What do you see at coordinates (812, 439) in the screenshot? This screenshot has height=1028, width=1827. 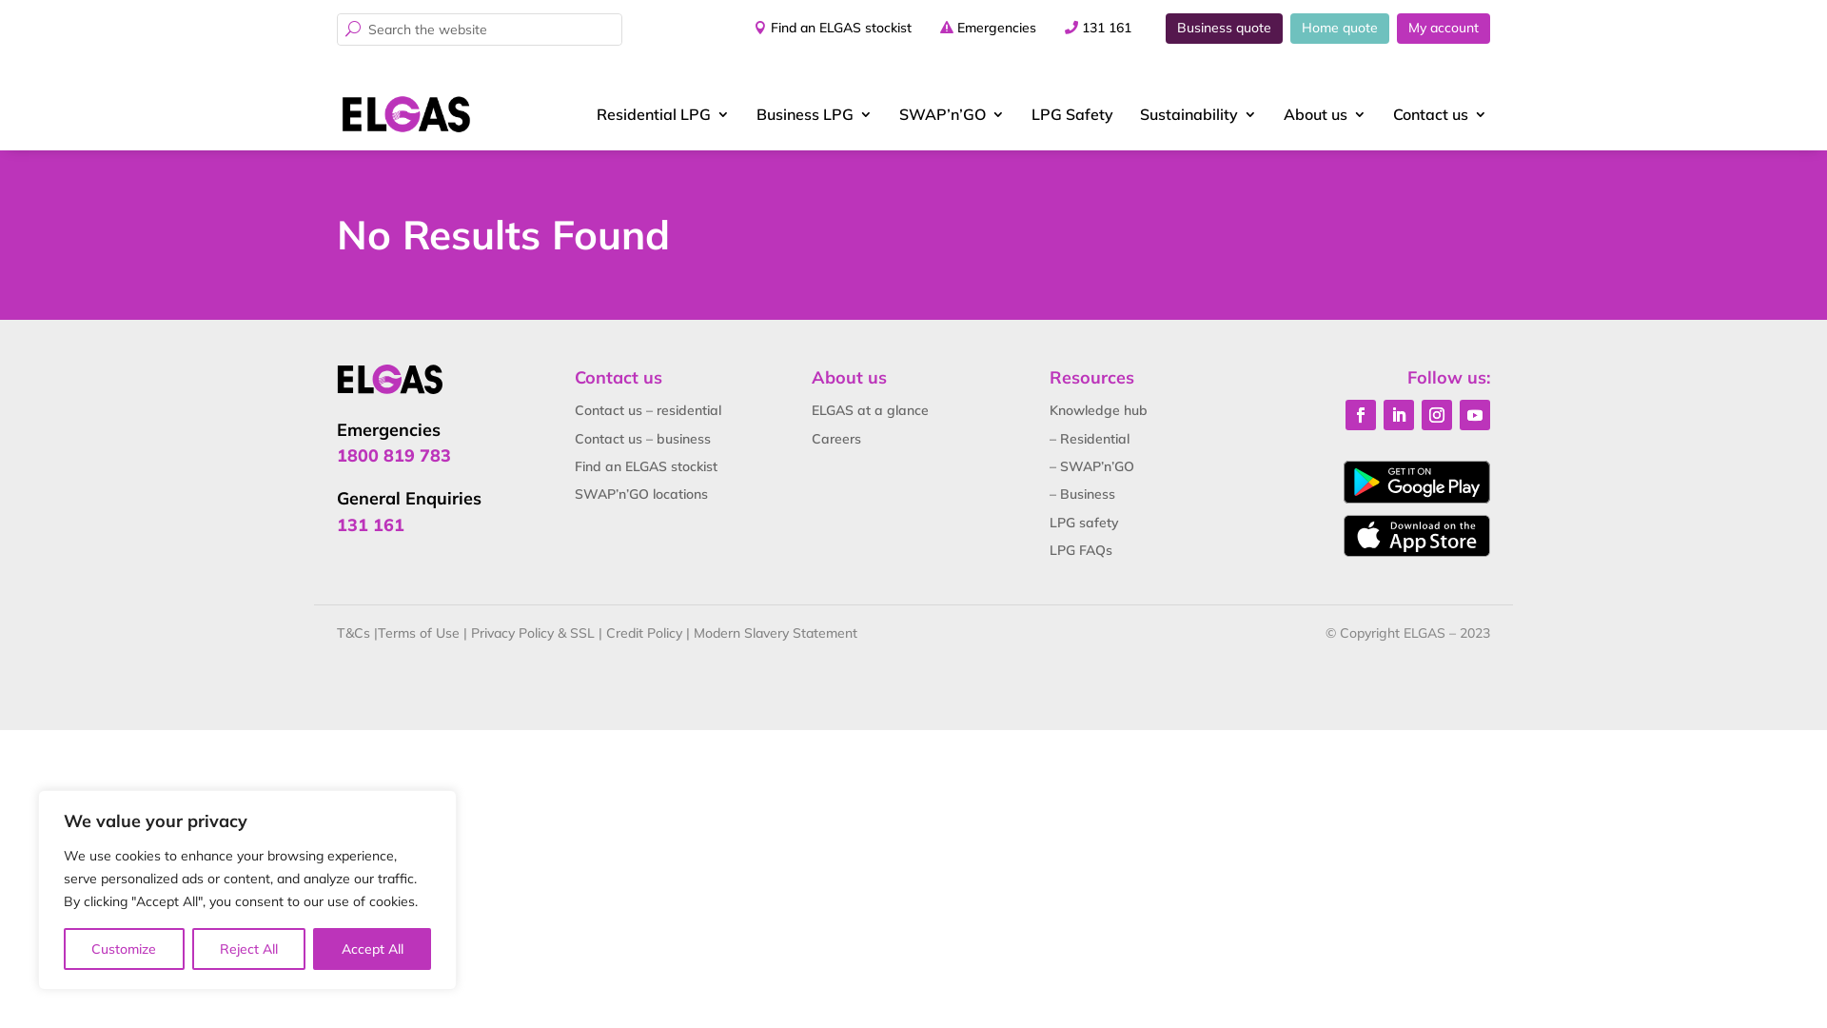 I see `'Careers'` at bounding box center [812, 439].